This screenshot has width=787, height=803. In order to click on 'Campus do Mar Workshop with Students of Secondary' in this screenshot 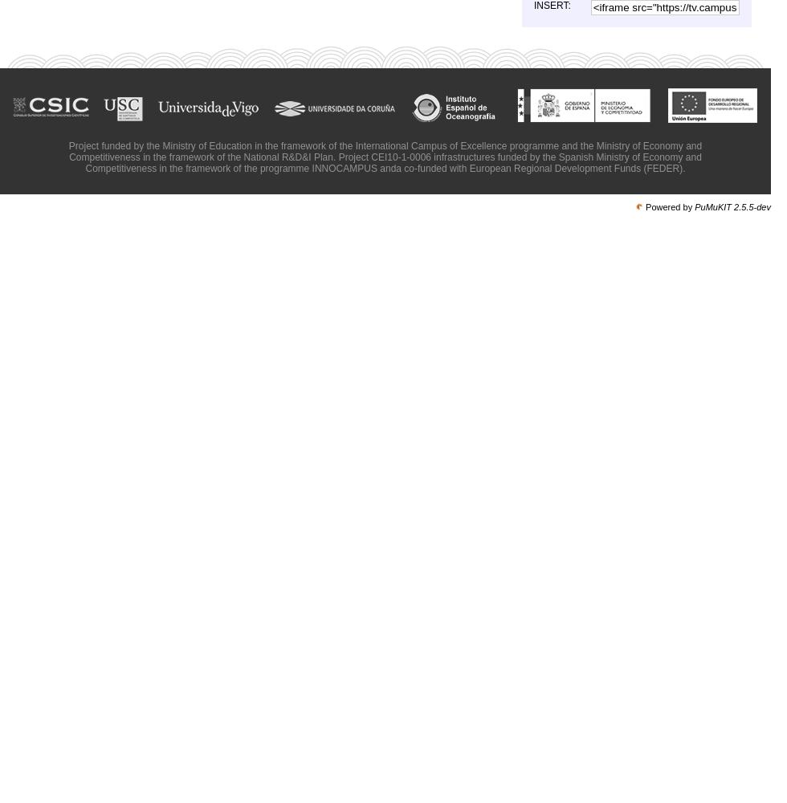, I will do `click(601, 47)`.